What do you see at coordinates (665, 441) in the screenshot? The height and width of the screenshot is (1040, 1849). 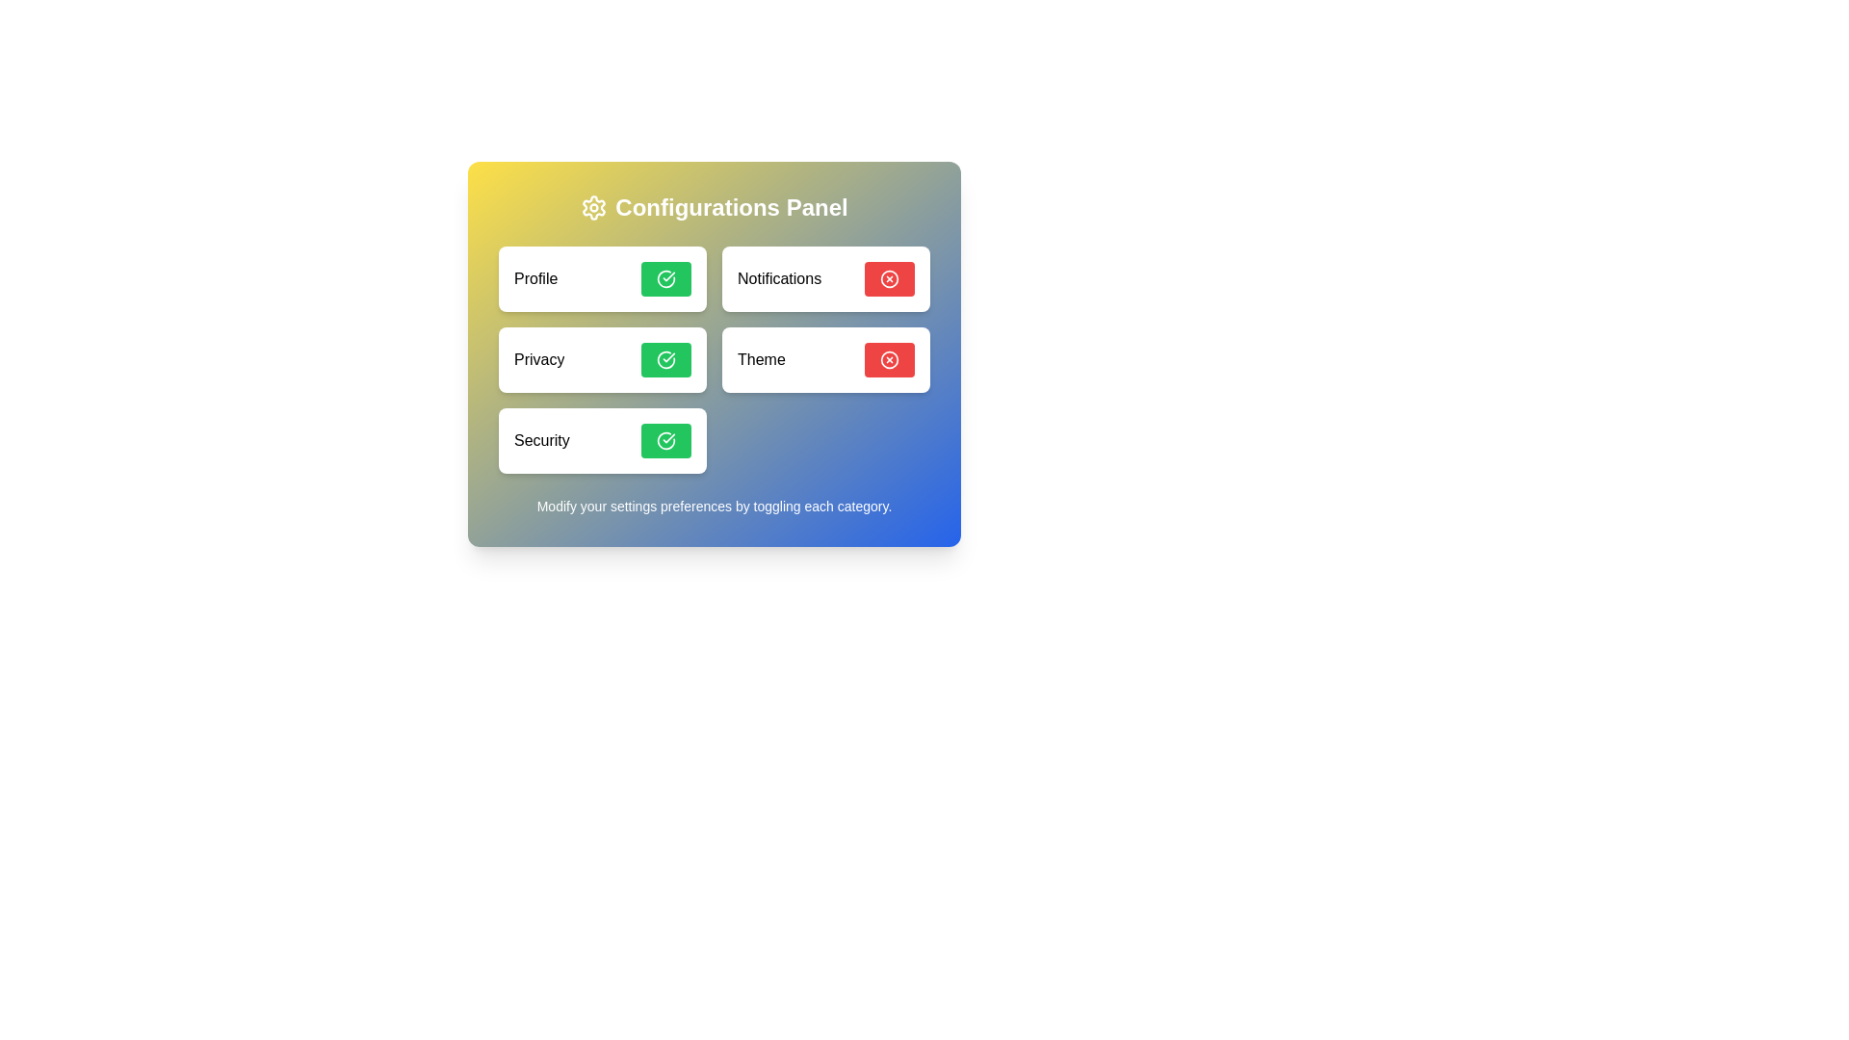 I see `the 'Security' toggle button located in the settings panel` at bounding box center [665, 441].